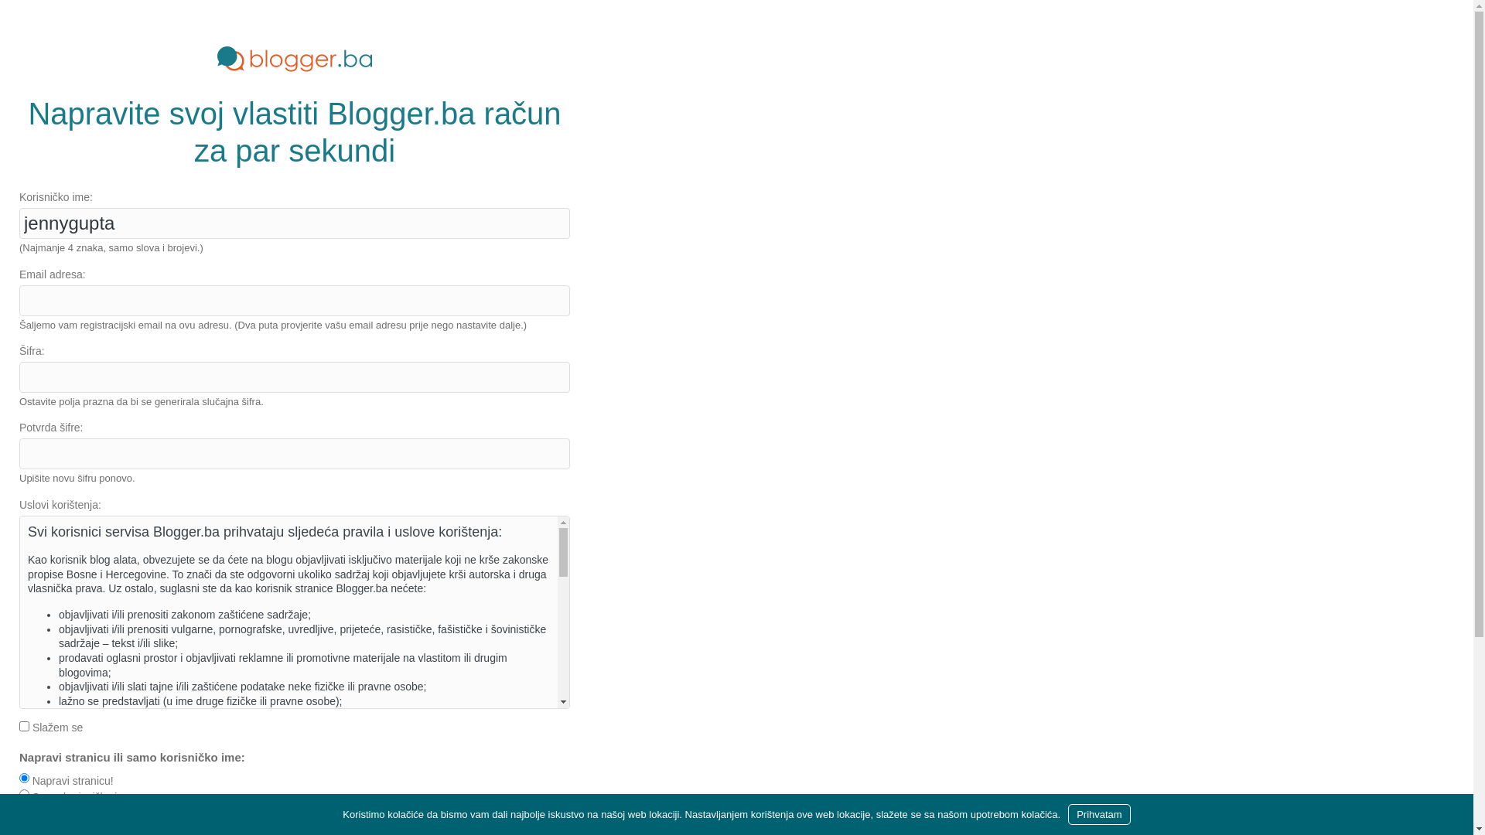  I want to click on 'Prihvatam', so click(1098, 813).